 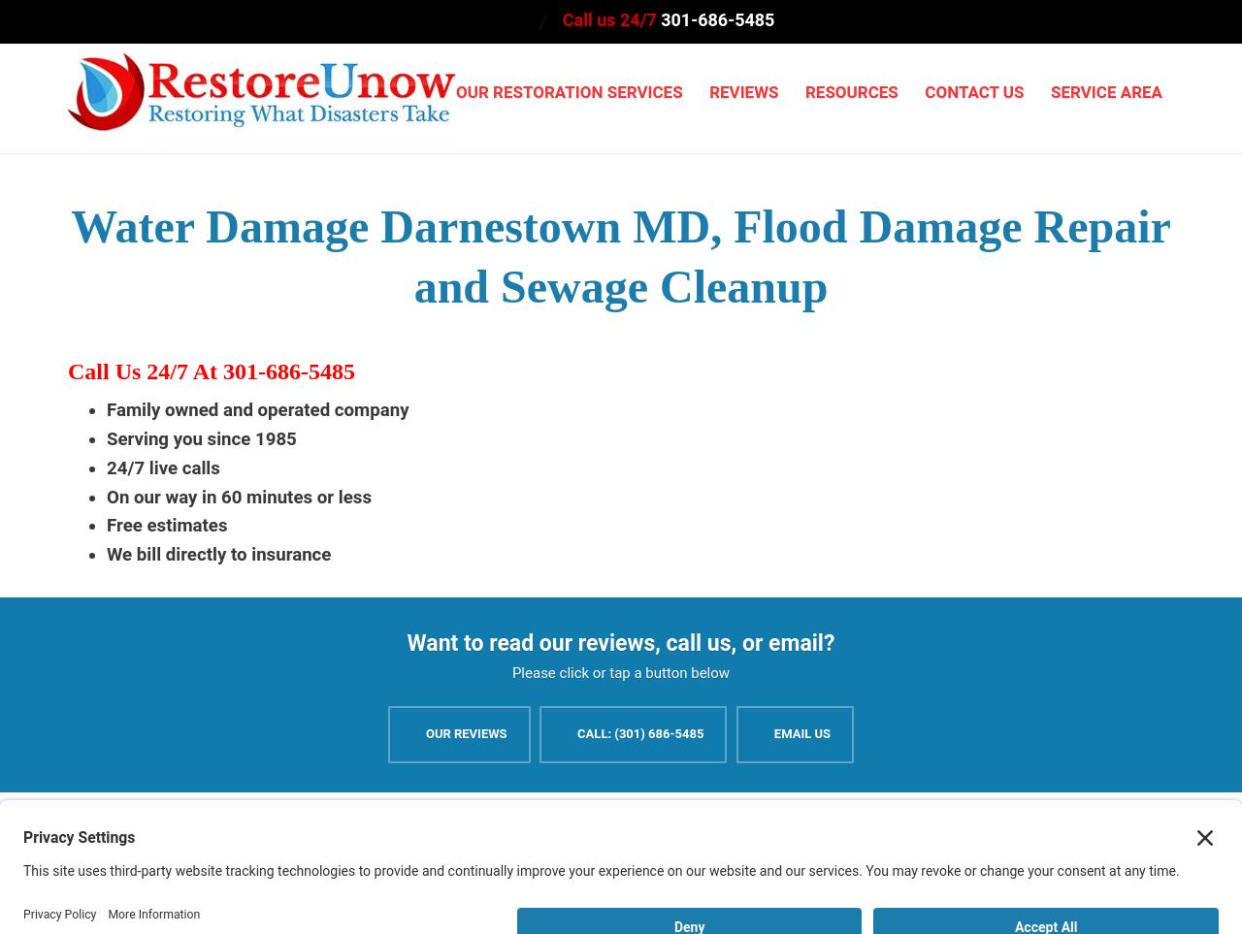 What do you see at coordinates (825, 445) in the screenshot?
I see `'Commercial Mold Removal'` at bounding box center [825, 445].